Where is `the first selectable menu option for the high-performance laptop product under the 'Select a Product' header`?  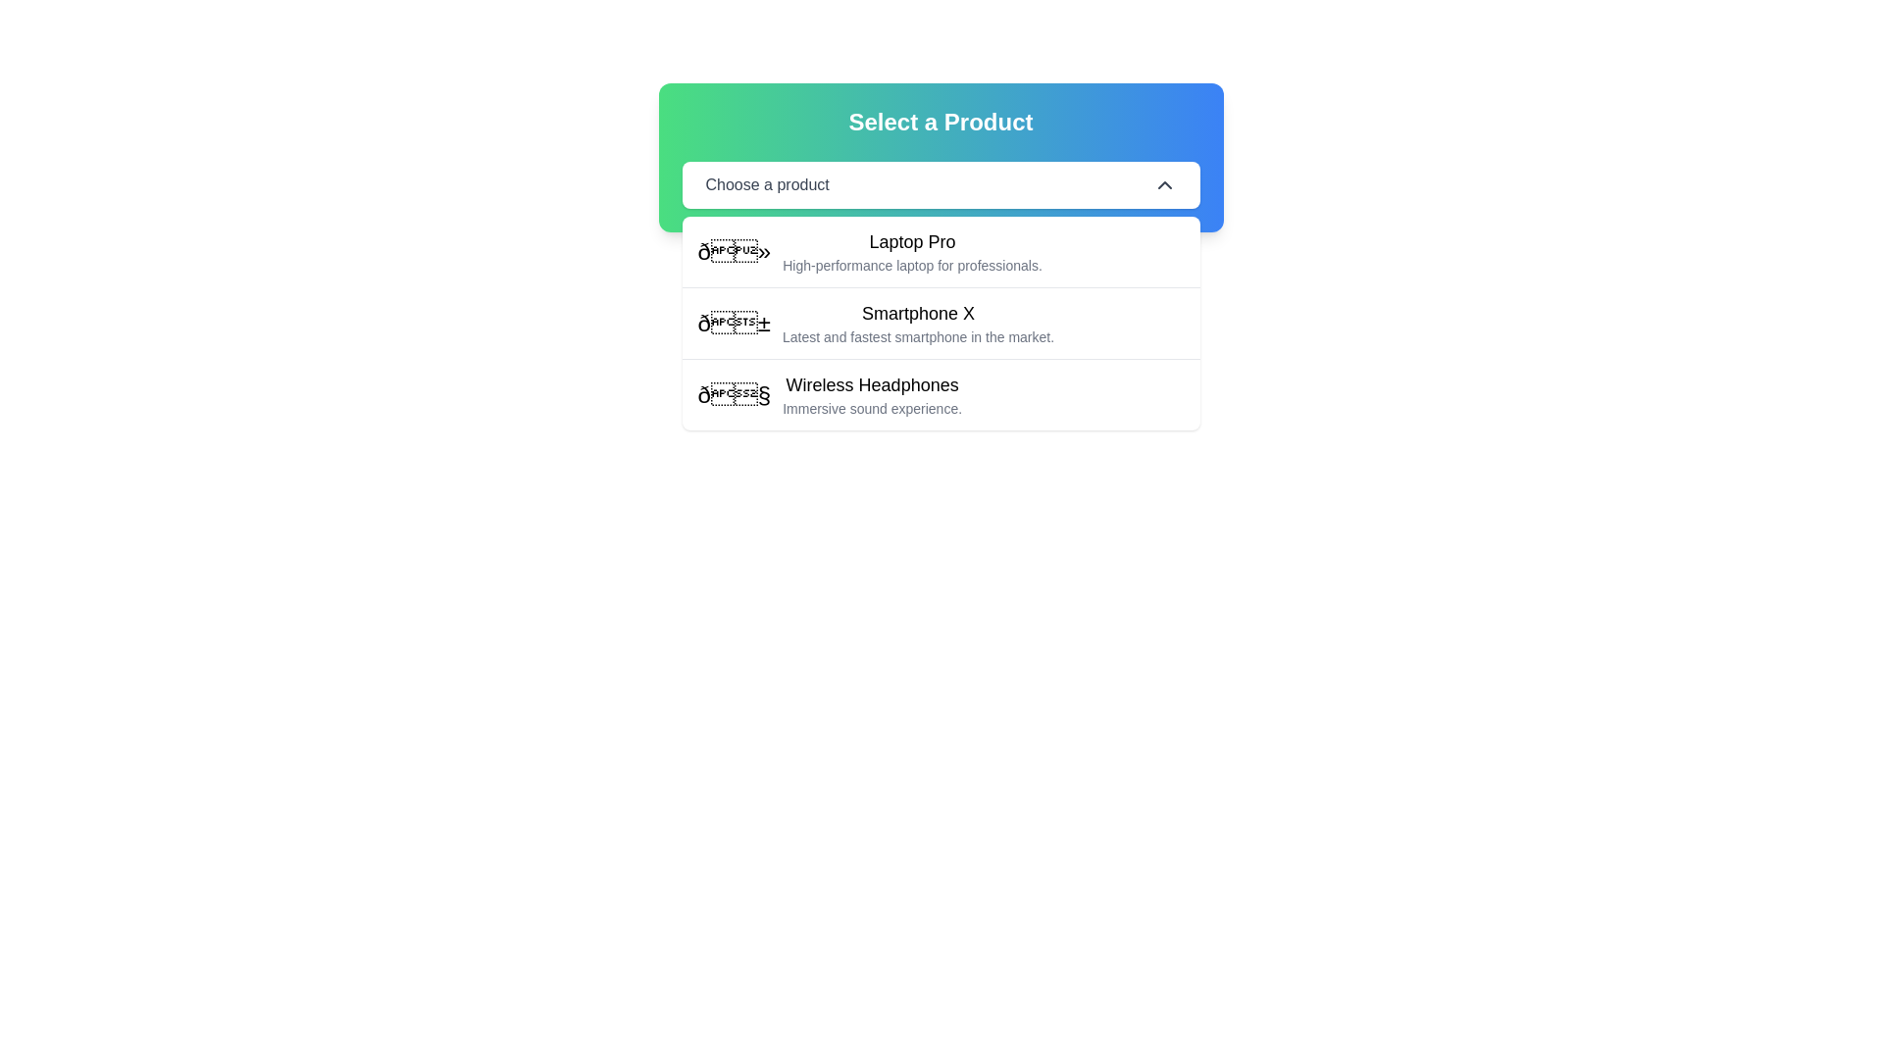 the first selectable menu option for the high-performance laptop product under the 'Select a Product' header is located at coordinates (940, 251).